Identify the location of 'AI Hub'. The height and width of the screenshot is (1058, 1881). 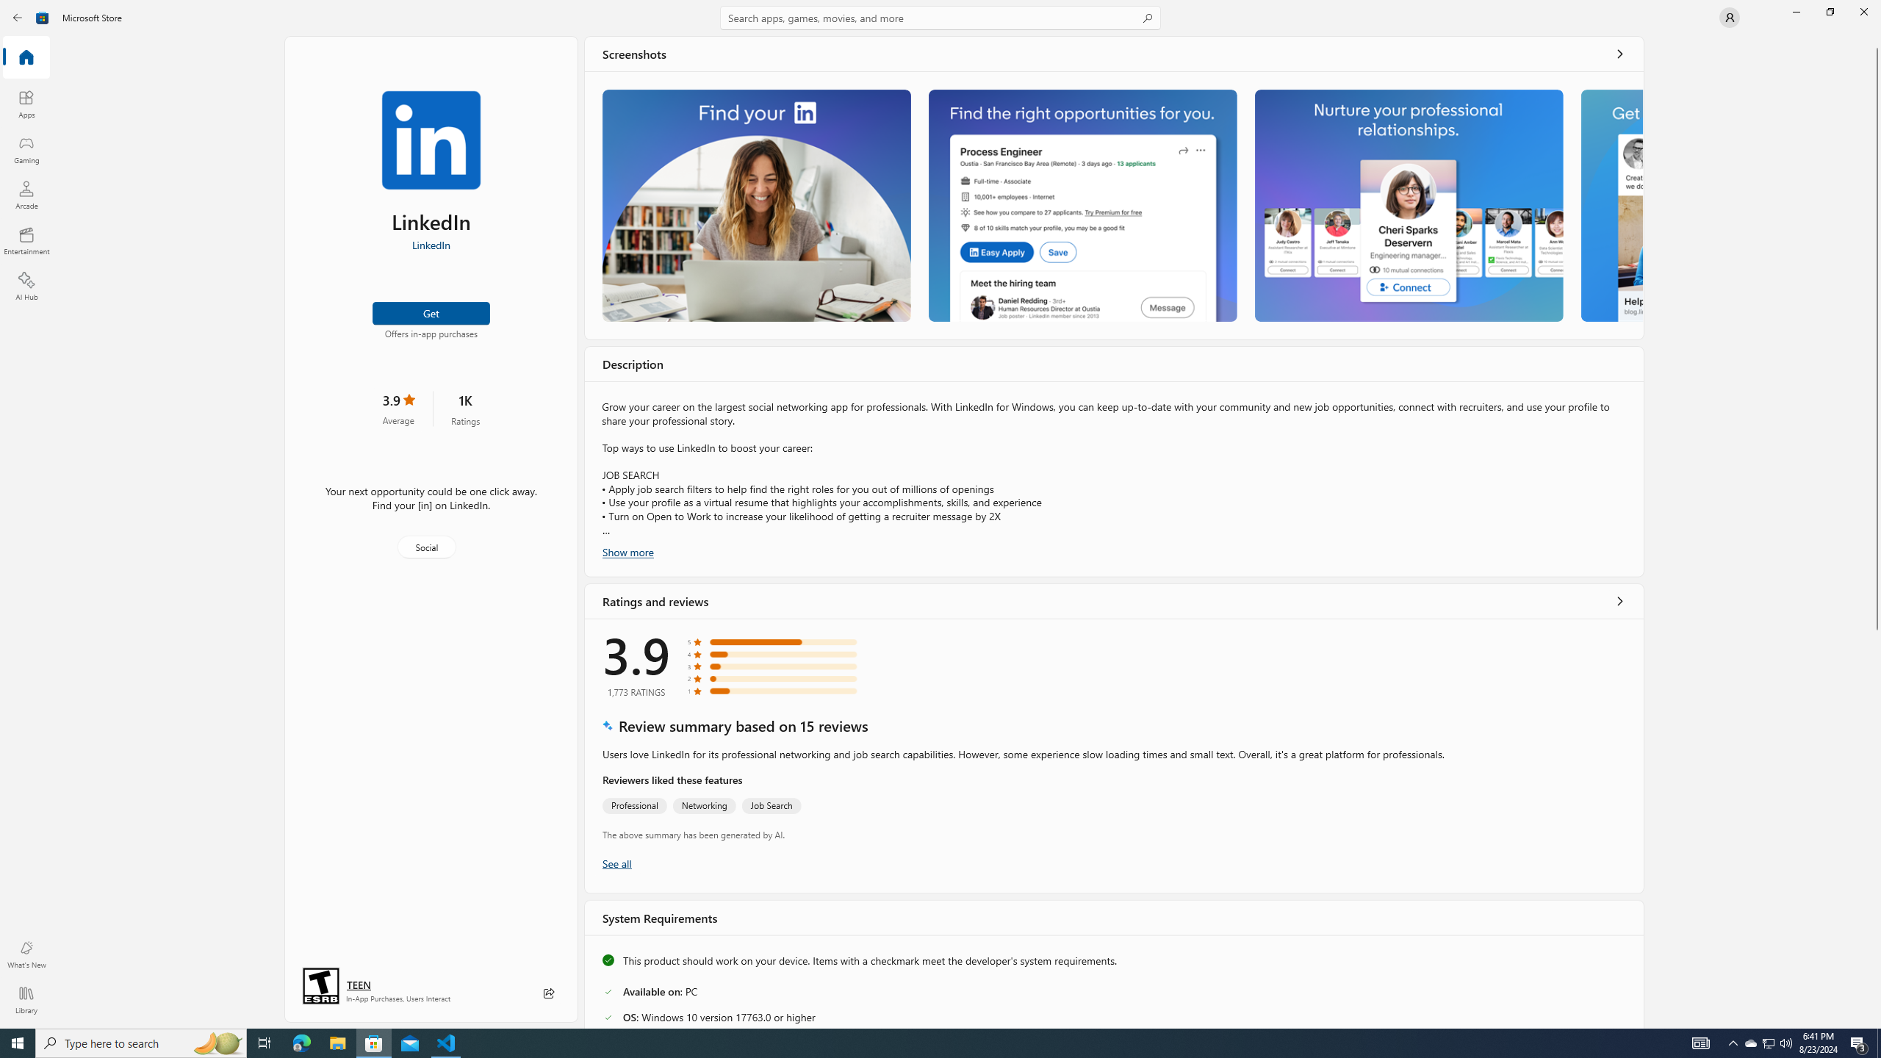
(25, 285).